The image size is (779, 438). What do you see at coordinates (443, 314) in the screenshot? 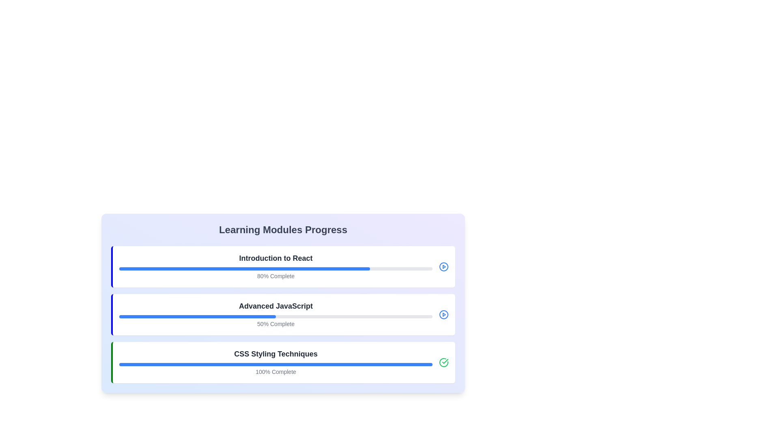
I see `the play icon button, which is a circular button with a blue border and a triangular play symbol, located at the rightmost side of the 'Advanced JavaScript' progress block` at bounding box center [443, 314].